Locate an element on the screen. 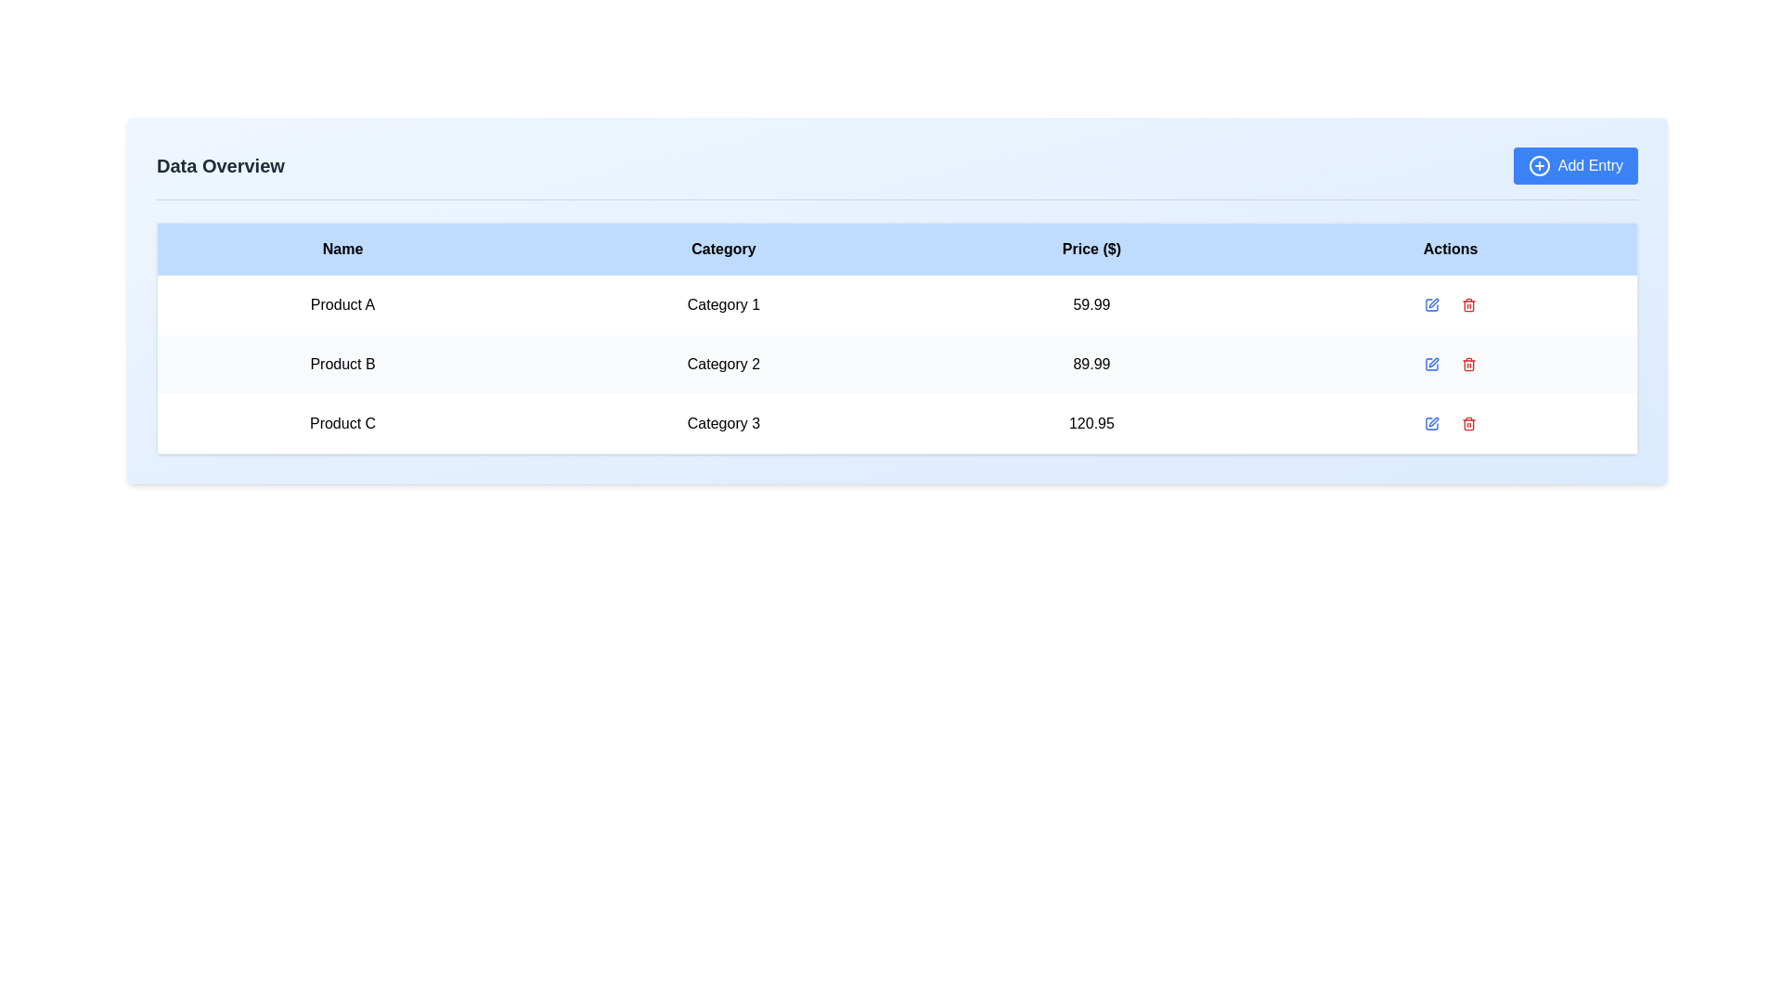 Image resolution: width=1782 pixels, height=1002 pixels. the static text displaying the price value for 'Product C' located in the third row and third column of the table under the 'Price ($)' header is located at coordinates (1091, 424).